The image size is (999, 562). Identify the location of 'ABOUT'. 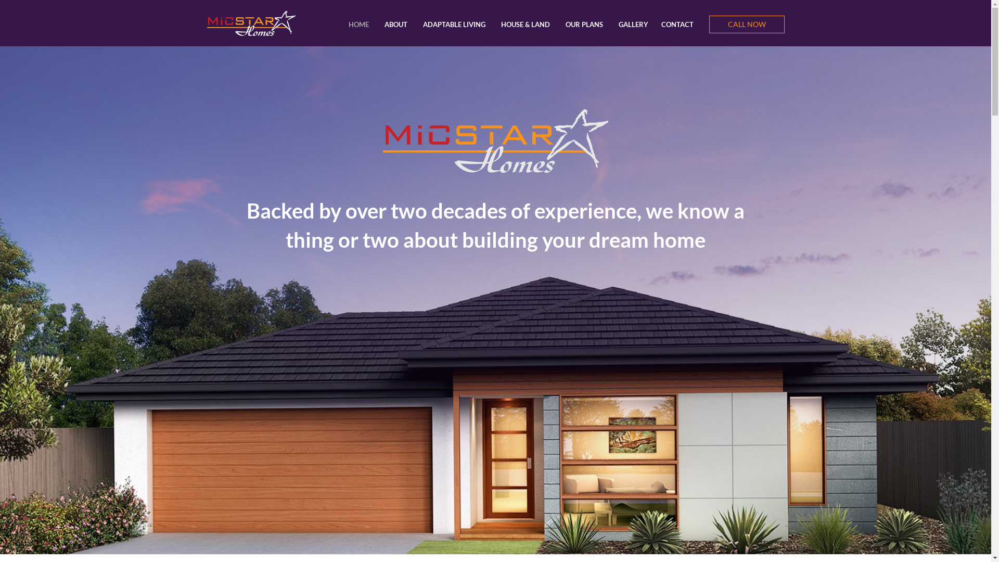
(394, 23).